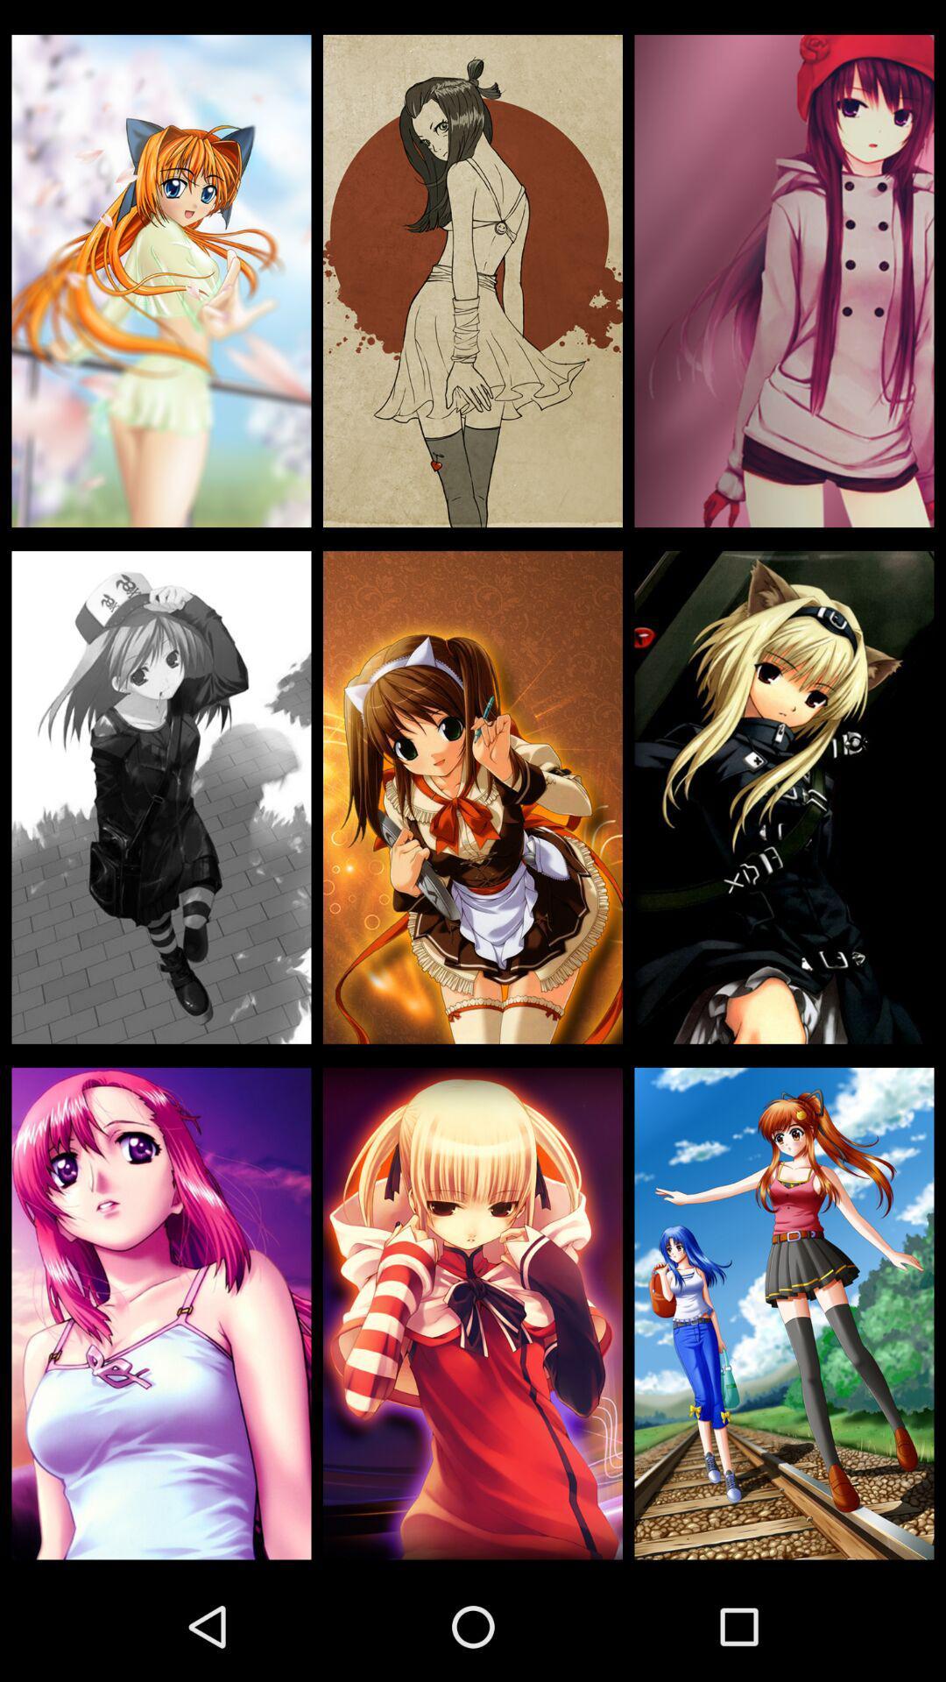 The width and height of the screenshot is (946, 1682). Describe the element at coordinates (783, 1313) in the screenshot. I see `item at the bottom right corner` at that location.